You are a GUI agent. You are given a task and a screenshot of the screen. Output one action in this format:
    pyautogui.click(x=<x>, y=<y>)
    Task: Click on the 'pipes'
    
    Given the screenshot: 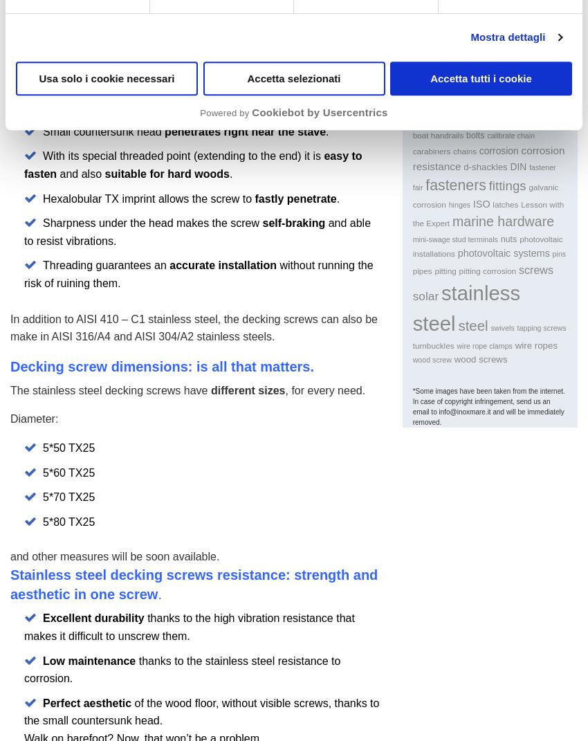 What is the action you would take?
    pyautogui.click(x=412, y=270)
    